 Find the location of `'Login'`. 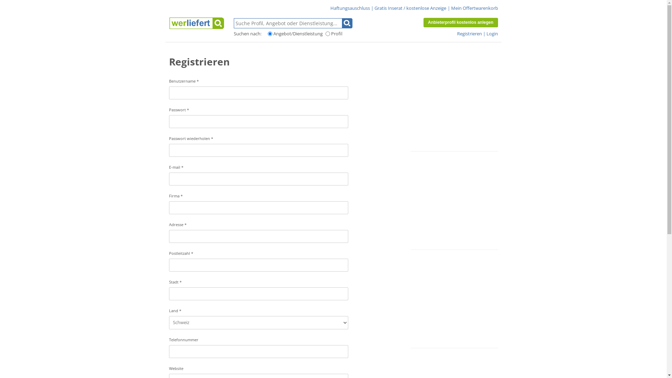

'Login' is located at coordinates (486, 34).